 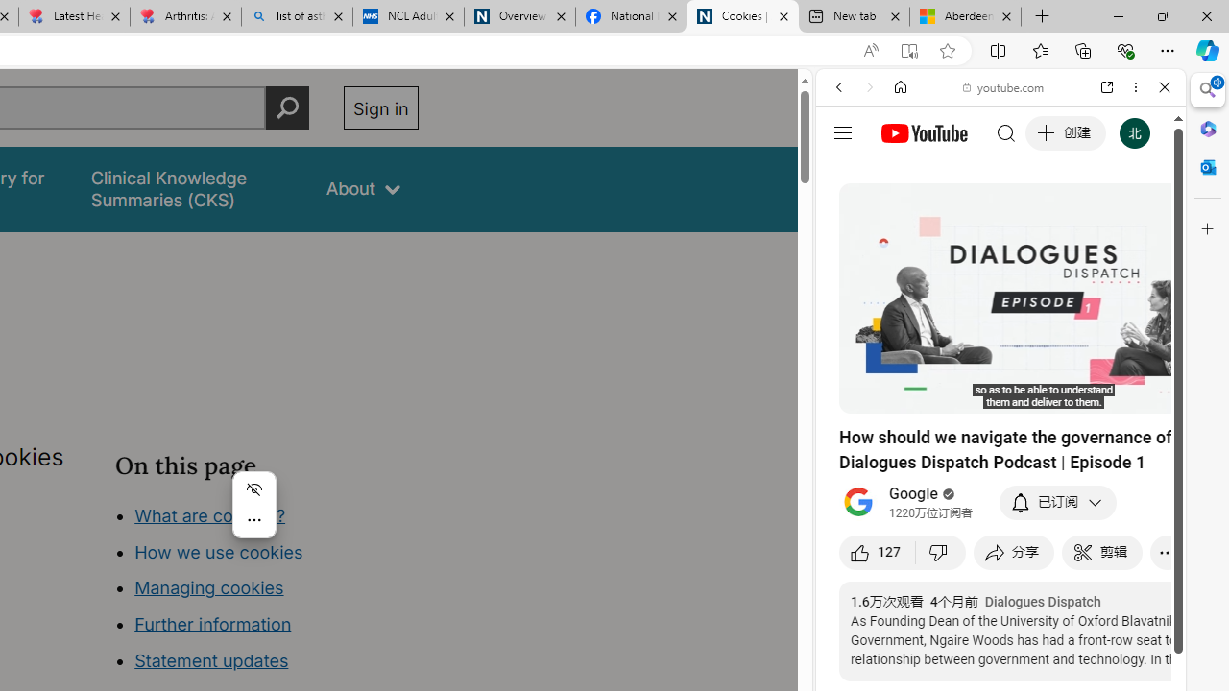 I want to click on 'false', so click(x=191, y=189).